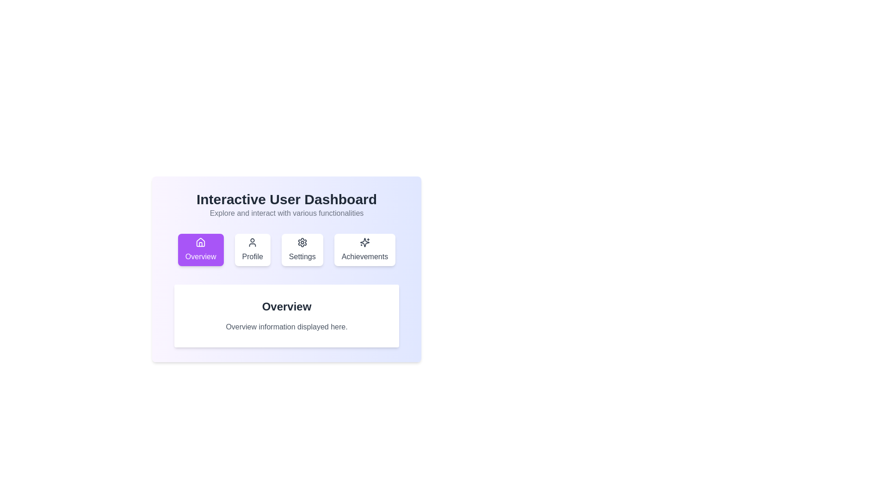  Describe the element at coordinates (302, 242) in the screenshot. I see `the gear-shaped settings icon located at the top row of buttons, third from the left` at that location.